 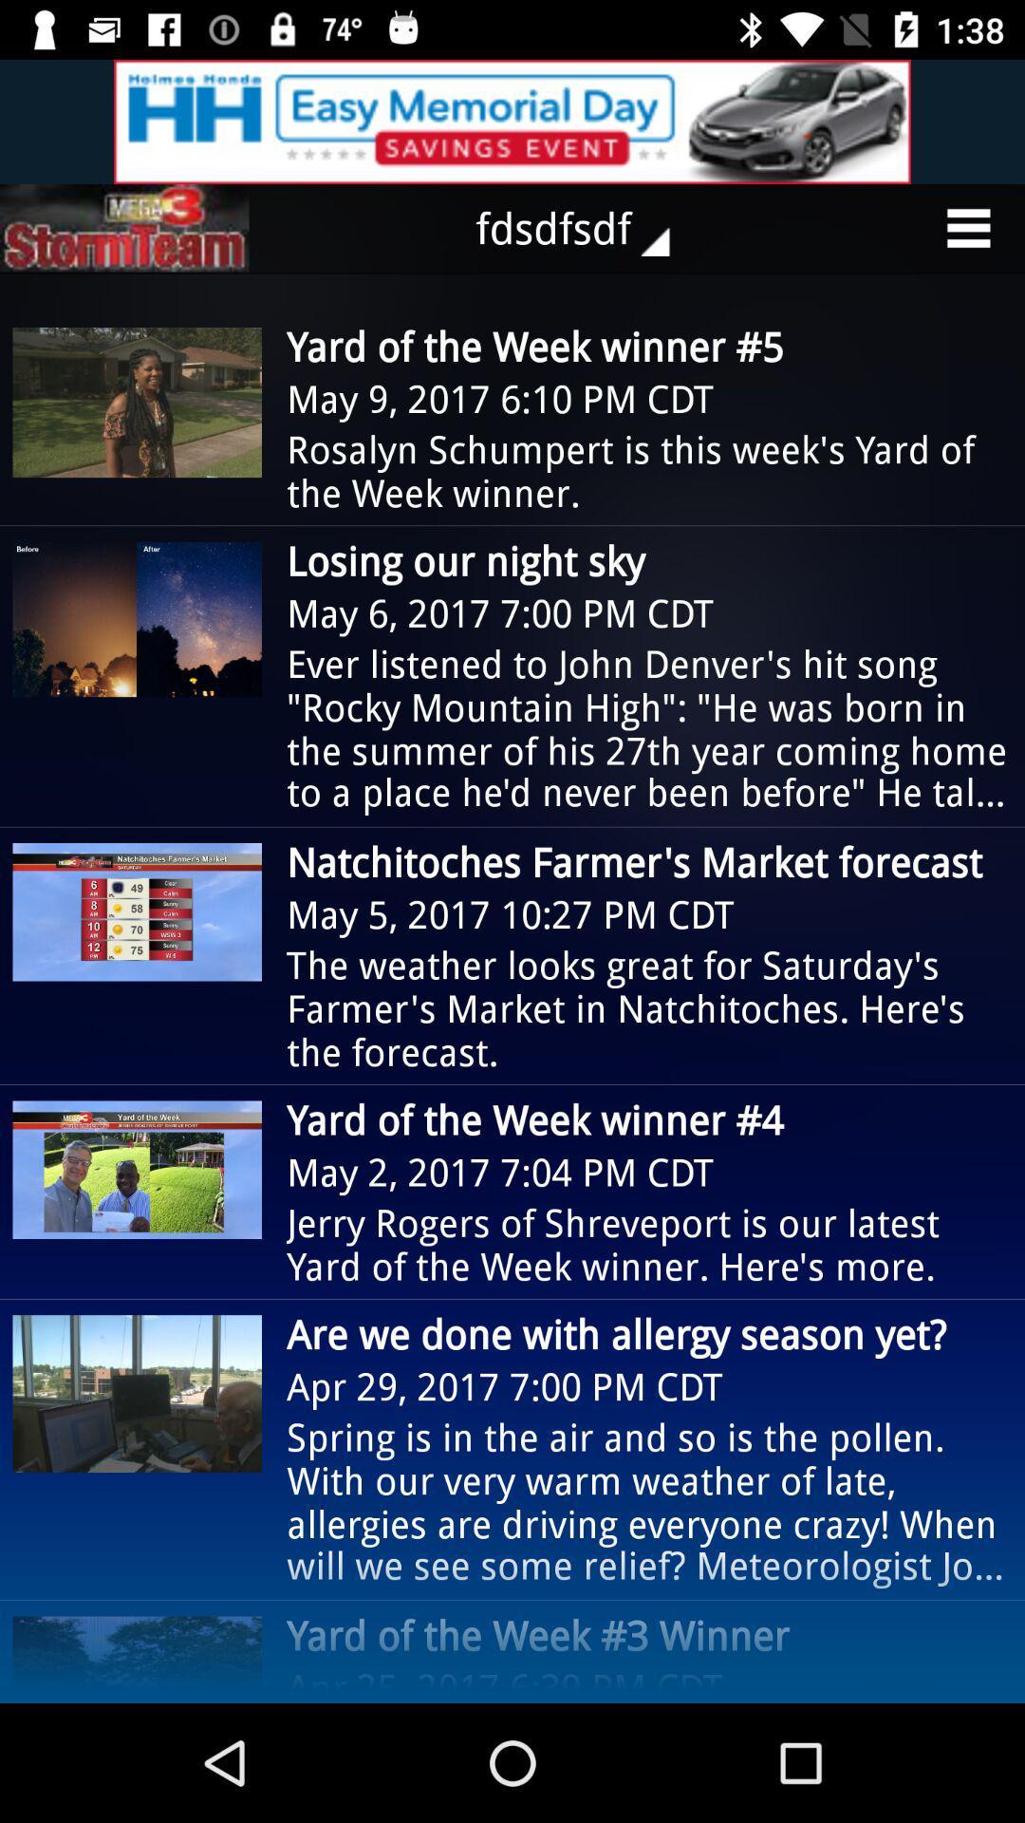 I want to click on item next to the fdsdfsdf item, so click(x=124, y=228).